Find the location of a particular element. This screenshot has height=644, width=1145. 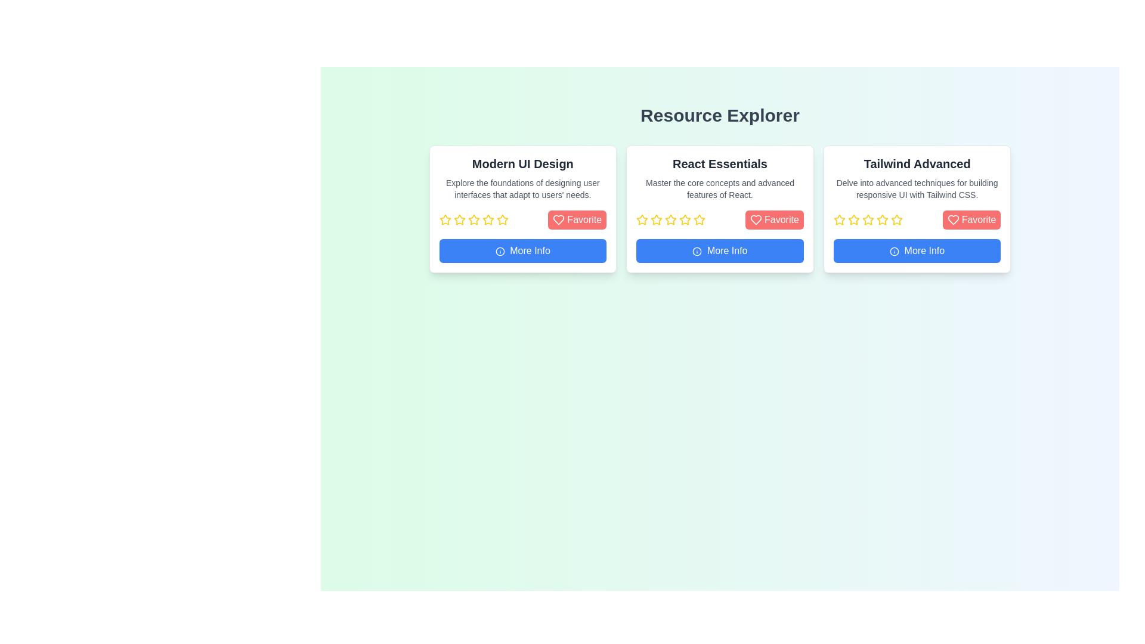

the yellow star-shaped icon, which is the second star in the row under the 'Modern UI Design' card is located at coordinates (444, 219).